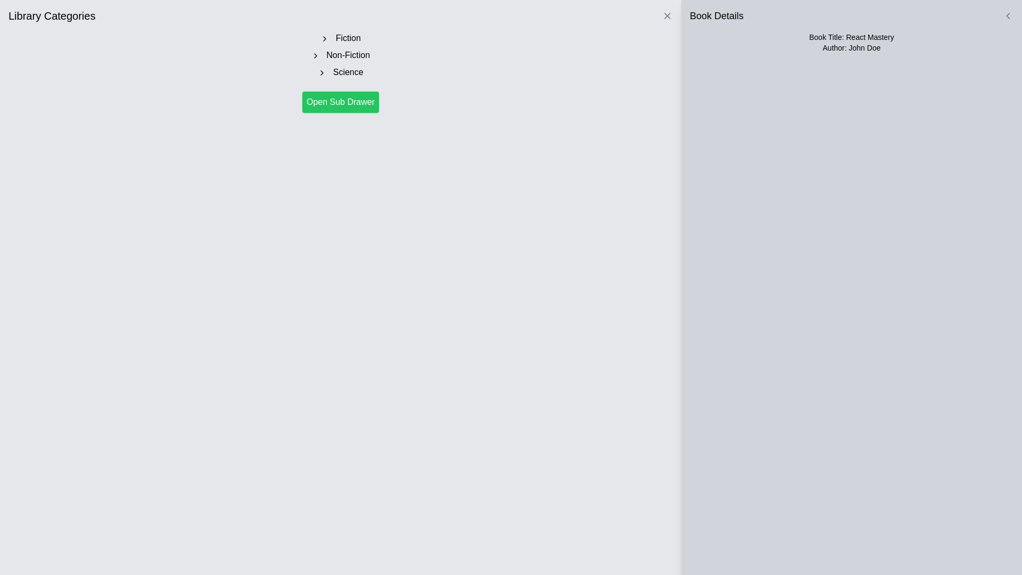 This screenshot has width=1022, height=575. I want to click on the navigational button located in the top-right corner of the 'Book Details' section to change its color, so click(1008, 16).